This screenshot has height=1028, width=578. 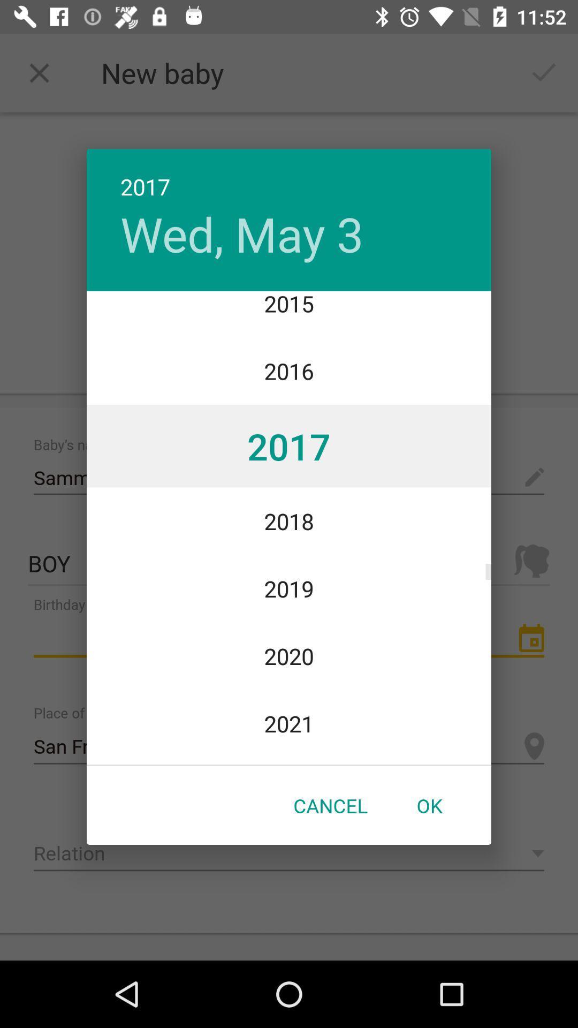 I want to click on the item next to ok icon, so click(x=330, y=805).